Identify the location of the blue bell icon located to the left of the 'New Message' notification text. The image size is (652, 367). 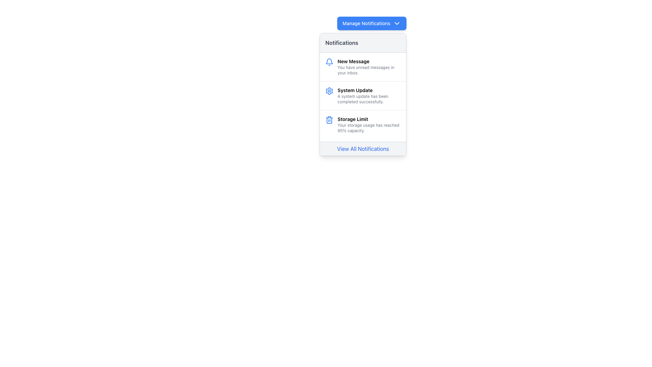
(329, 67).